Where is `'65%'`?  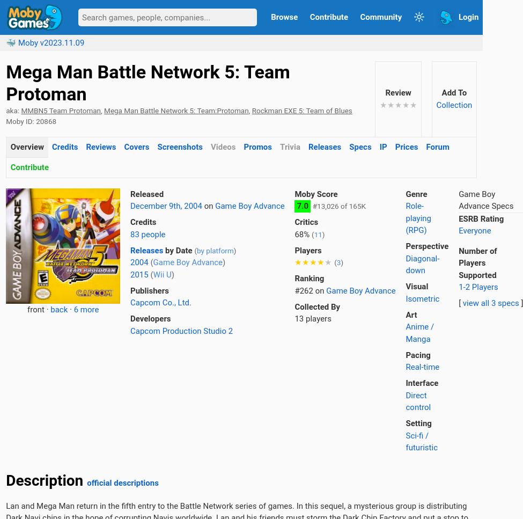 '65%' is located at coordinates (249, 201).